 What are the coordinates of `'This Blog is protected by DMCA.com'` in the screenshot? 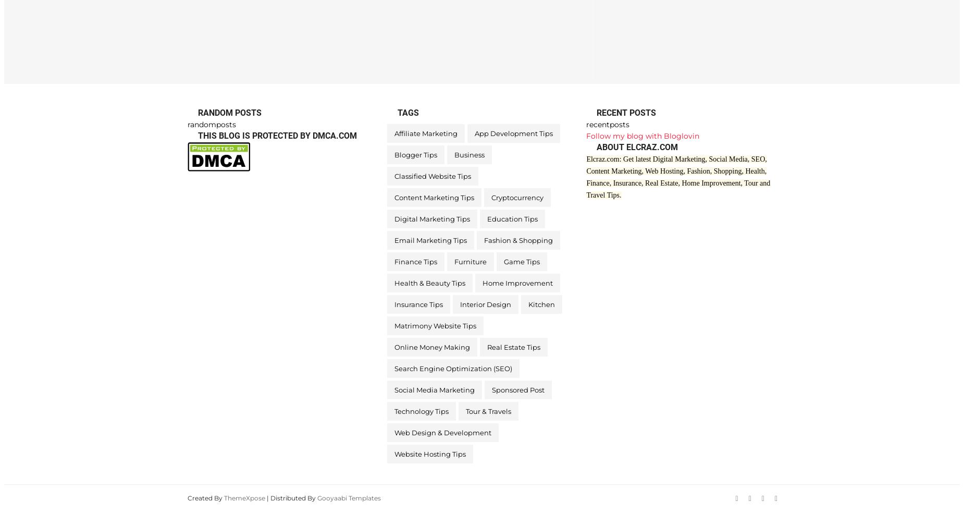 It's located at (277, 136).